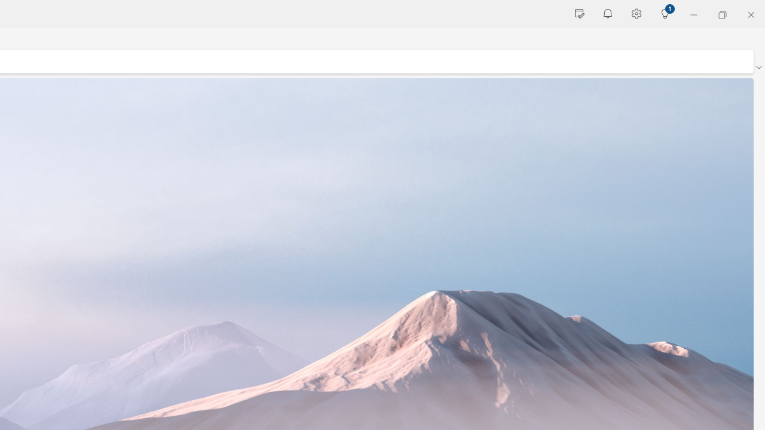  Describe the element at coordinates (758, 67) in the screenshot. I see `'Ribbon display options'` at that location.